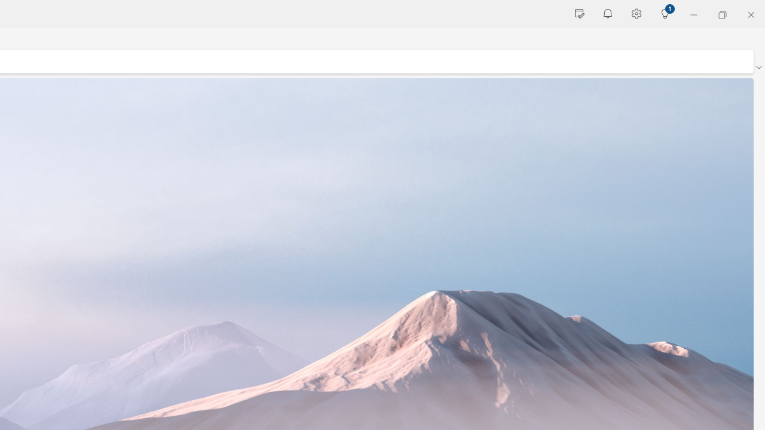  Describe the element at coordinates (758, 67) in the screenshot. I see `'Ribbon display options'` at that location.